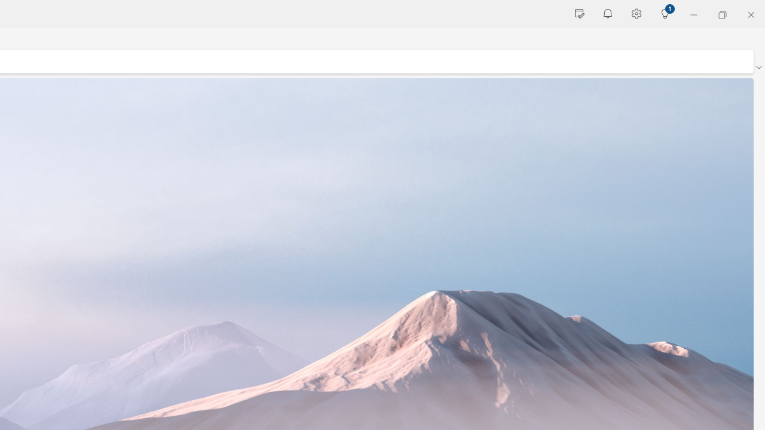  Describe the element at coordinates (758, 67) in the screenshot. I see `'Ribbon display options'` at that location.